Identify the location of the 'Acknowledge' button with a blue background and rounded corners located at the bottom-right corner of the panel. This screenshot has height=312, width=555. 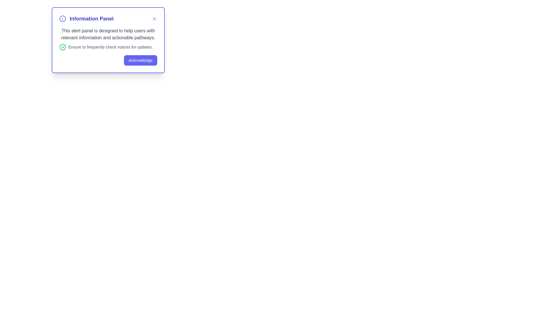
(140, 60).